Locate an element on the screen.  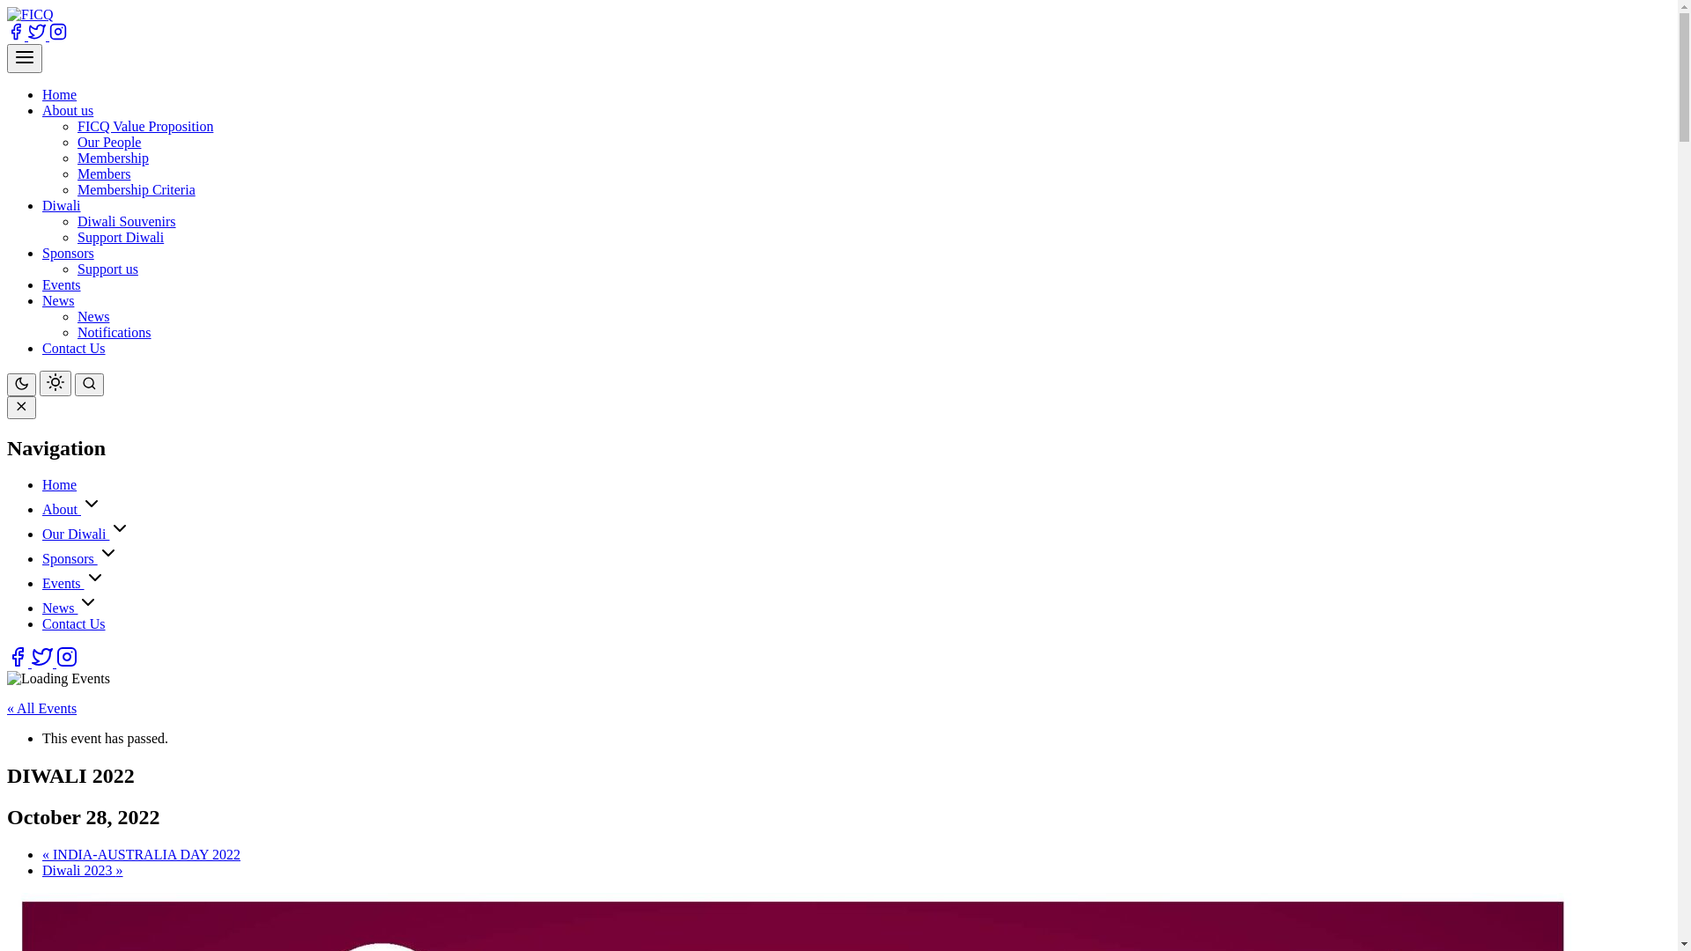
'Our Diwali' is located at coordinates (75, 533).